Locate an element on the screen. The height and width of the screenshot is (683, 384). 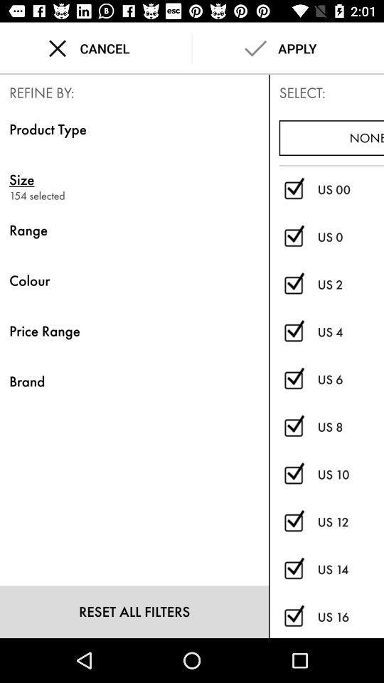
zero dollar check box is located at coordinates (293, 189).